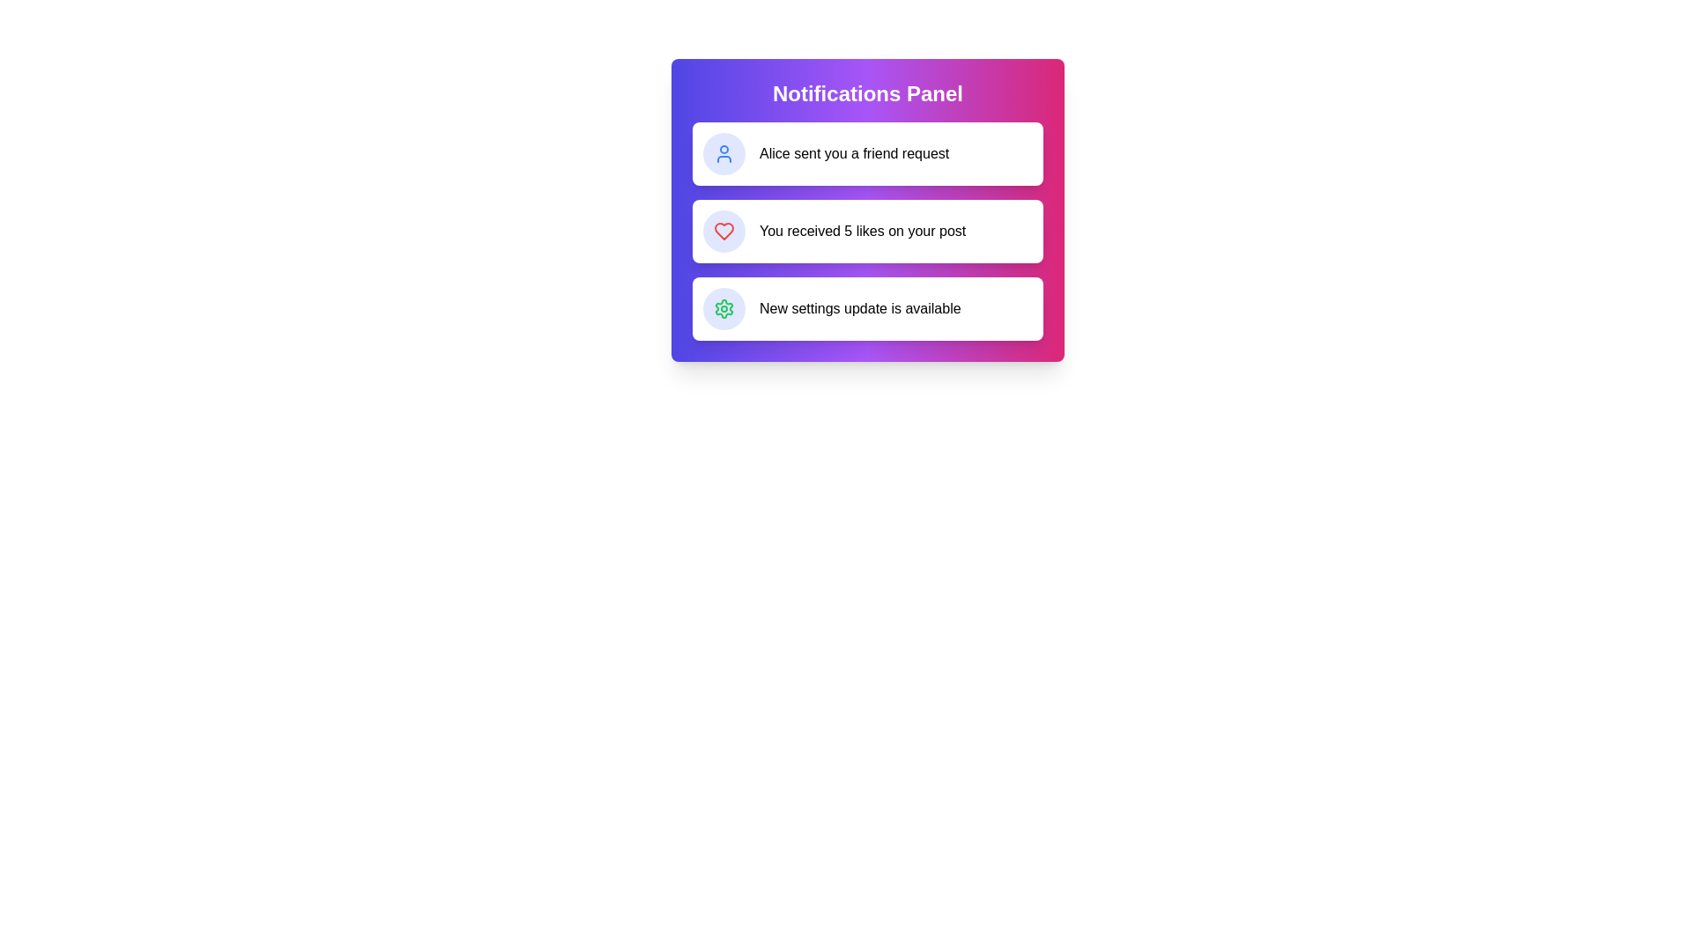 The image size is (1692, 951). What do you see at coordinates (724, 152) in the screenshot?
I see `the Profile Icon, which is a 24x24 pixel blue icon located at the top-left corner of the notification panel, to the left of the text 'Alice sent you a friend request.'` at bounding box center [724, 152].